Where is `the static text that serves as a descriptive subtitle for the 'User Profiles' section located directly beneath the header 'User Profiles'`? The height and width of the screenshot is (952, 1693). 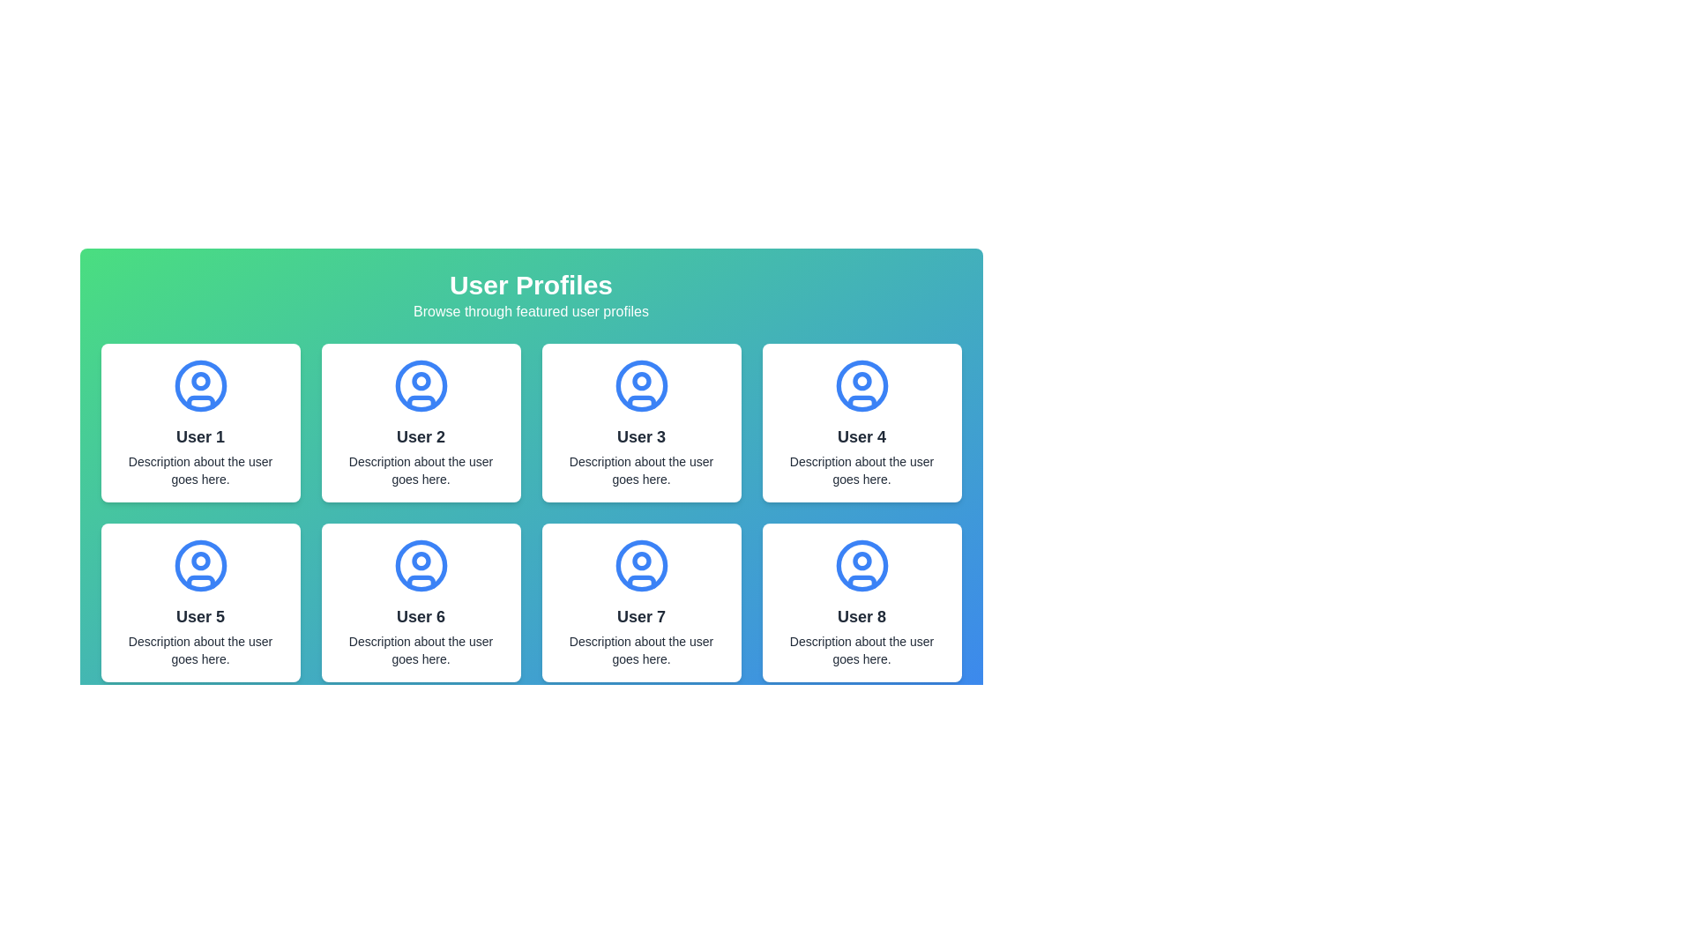 the static text that serves as a descriptive subtitle for the 'User Profiles' section located directly beneath the header 'User Profiles' is located at coordinates (530, 311).